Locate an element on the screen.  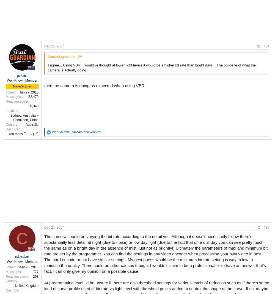
'52,470' is located at coordinates (28, 97).